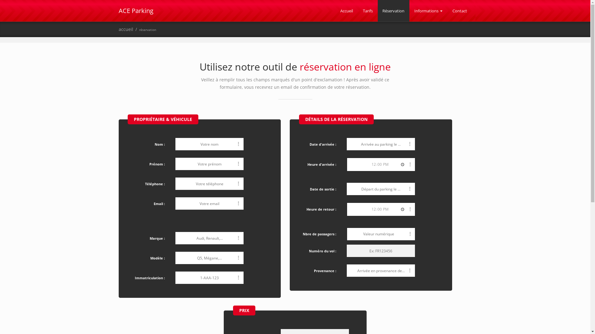 The image size is (595, 334). What do you see at coordinates (135, 11) in the screenshot?
I see `'ACE Parking'` at bounding box center [135, 11].